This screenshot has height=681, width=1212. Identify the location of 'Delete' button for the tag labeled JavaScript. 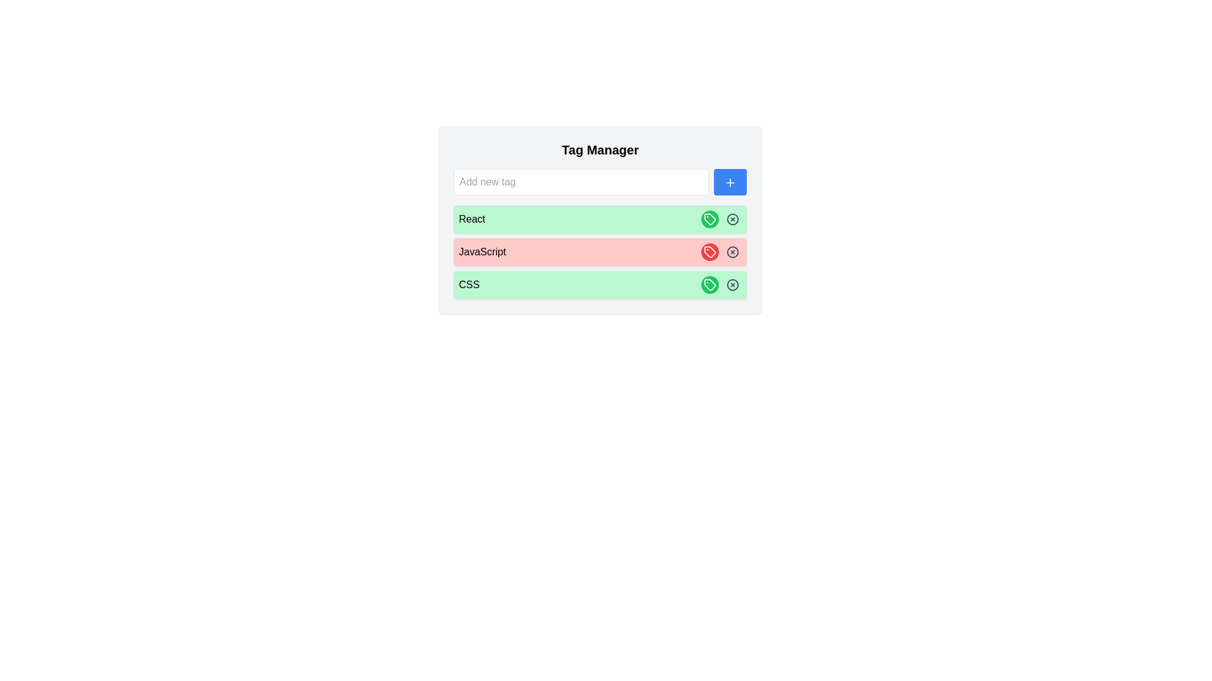
(733, 252).